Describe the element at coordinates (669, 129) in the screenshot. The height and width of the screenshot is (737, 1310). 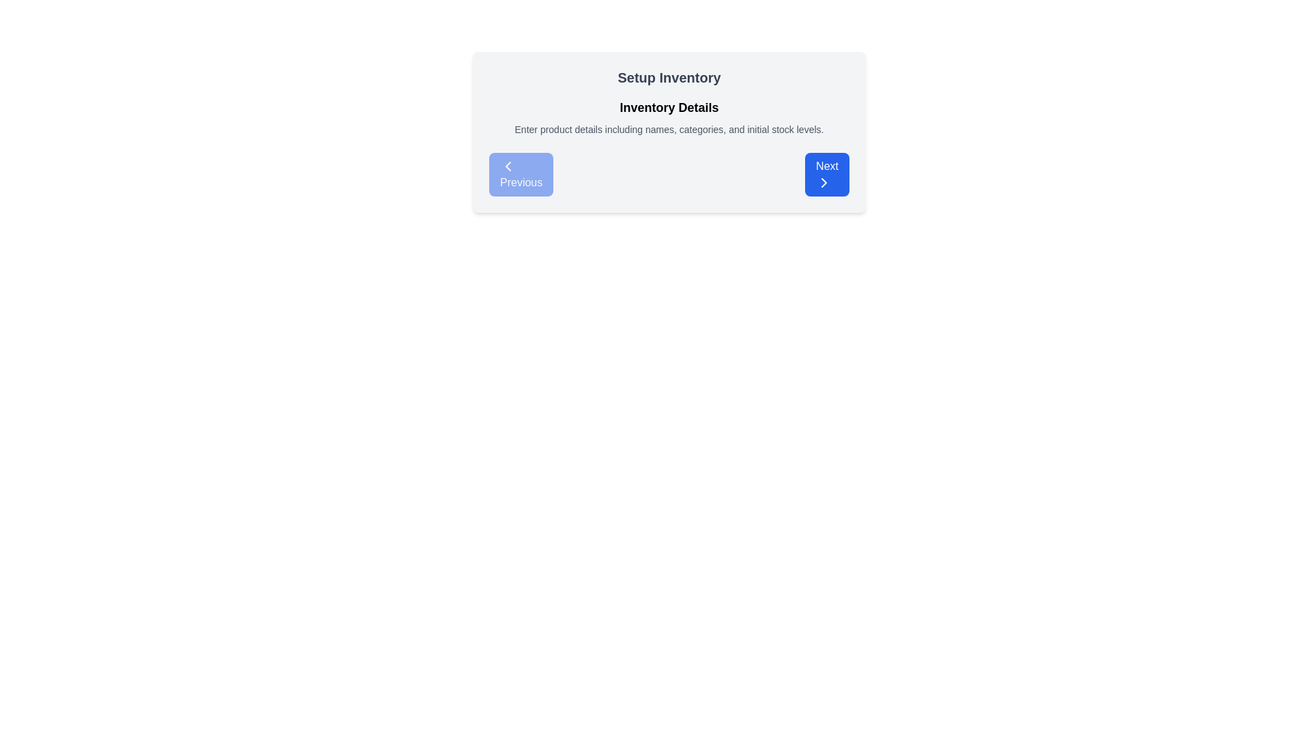
I see `the Informational Text element located below the 'Inventory Details' heading and above the 'Previous' and 'Next' buttons` at that location.